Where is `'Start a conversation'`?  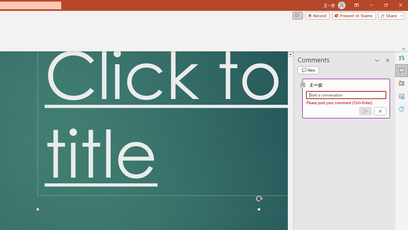
'Start a conversation' is located at coordinates (346, 95).